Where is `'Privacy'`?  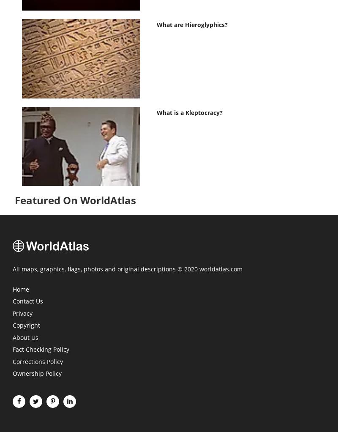
'Privacy' is located at coordinates (13, 312).